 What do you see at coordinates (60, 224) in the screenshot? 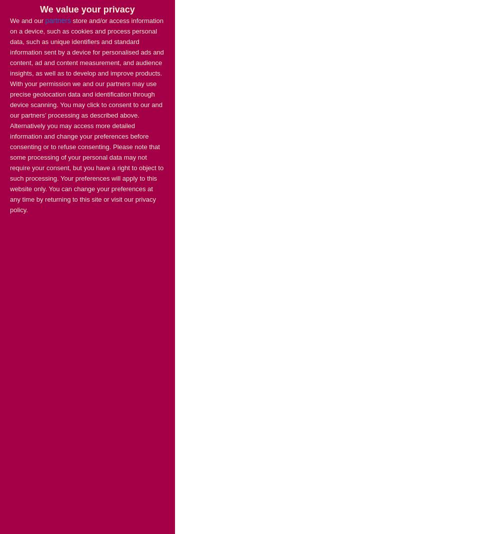
I see `'0'` at bounding box center [60, 224].